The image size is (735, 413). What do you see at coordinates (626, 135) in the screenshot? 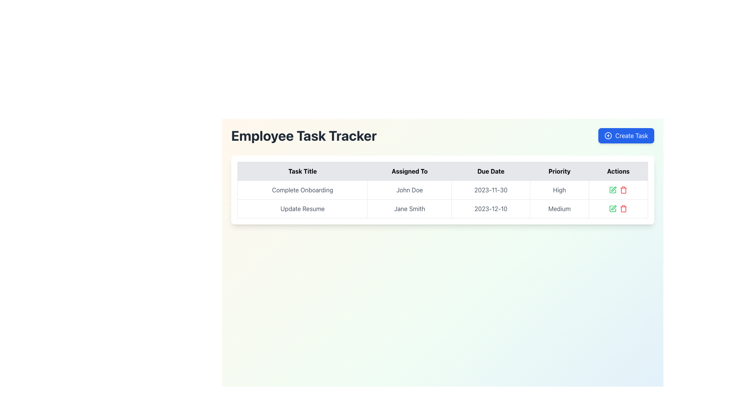
I see `the 'Create Task' button located at the top-right corner of the interface, which features a blue background and white text with a plus icon, to observe any hover effects` at bounding box center [626, 135].